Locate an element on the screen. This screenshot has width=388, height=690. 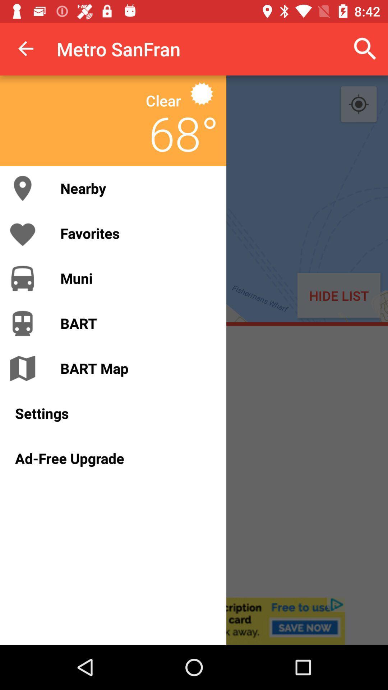
the location_crosshair icon is located at coordinates (359, 104).